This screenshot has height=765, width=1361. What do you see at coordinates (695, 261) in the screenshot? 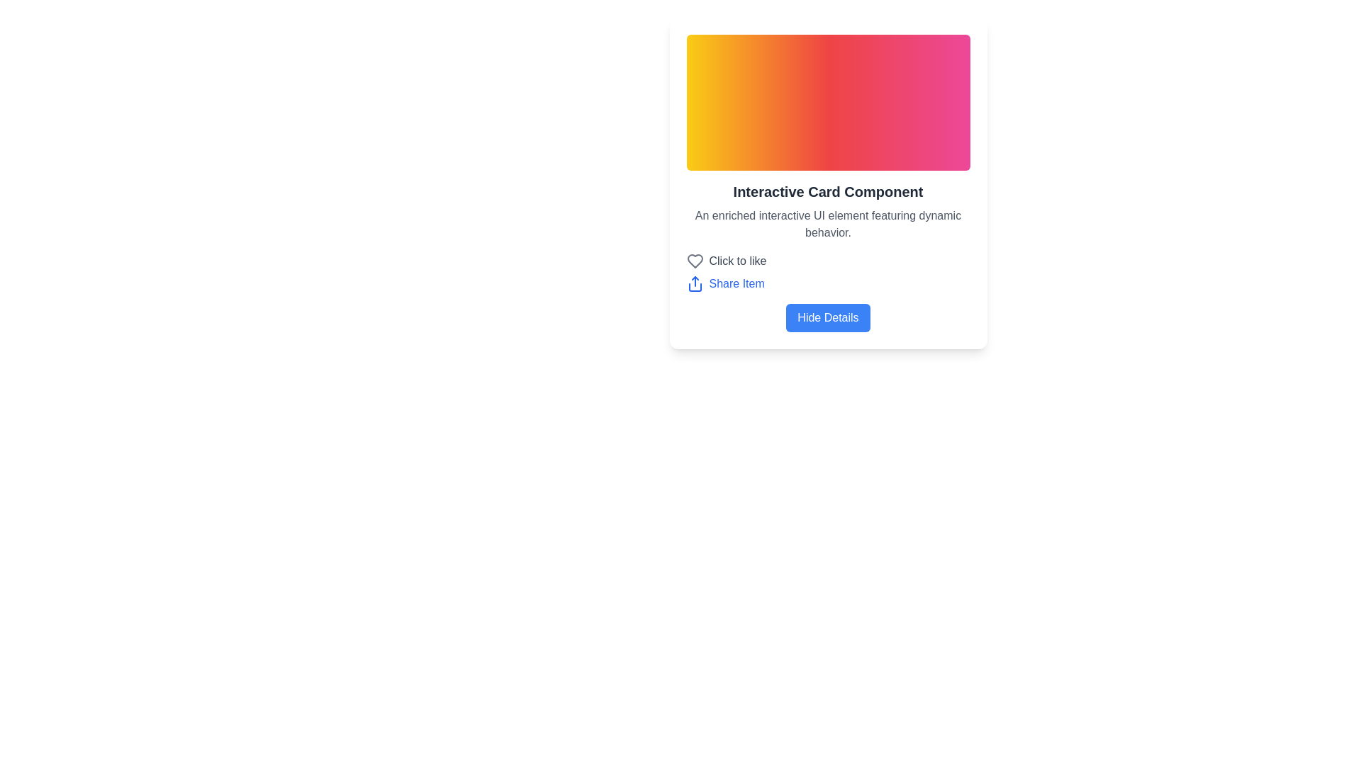
I see `the outlined heart-shaped icon representing a 'like' action` at bounding box center [695, 261].